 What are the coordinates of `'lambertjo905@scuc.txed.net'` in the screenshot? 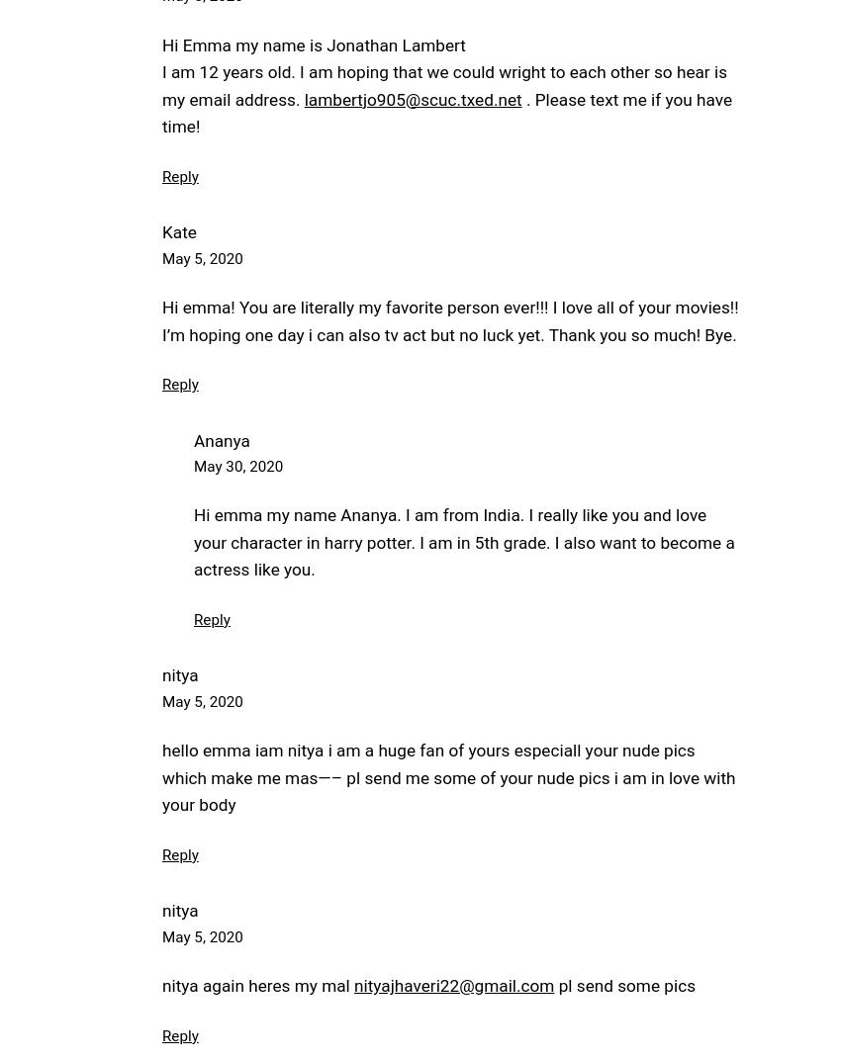 It's located at (413, 98).